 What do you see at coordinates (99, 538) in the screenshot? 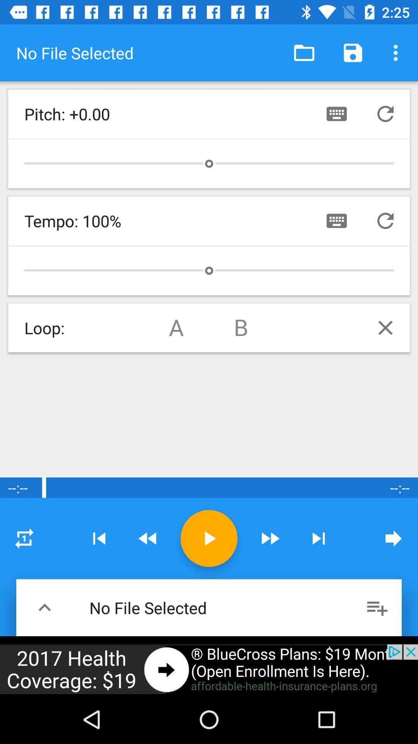
I see `change track` at bounding box center [99, 538].